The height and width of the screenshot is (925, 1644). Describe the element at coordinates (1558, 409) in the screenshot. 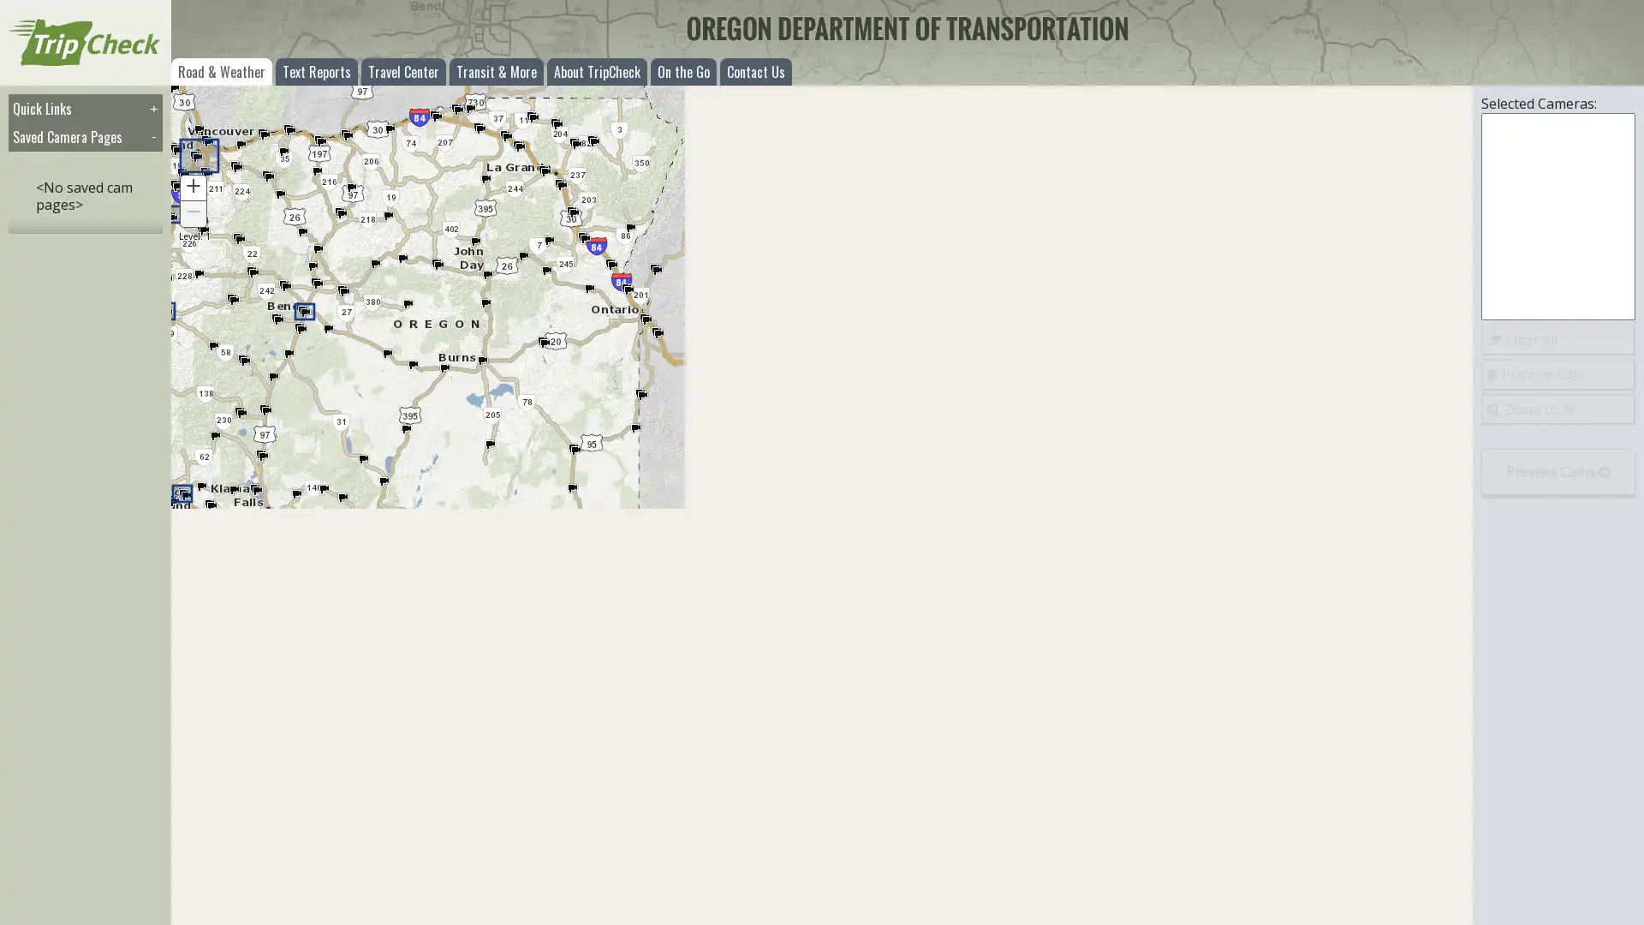

I see `Zoom to All` at that location.